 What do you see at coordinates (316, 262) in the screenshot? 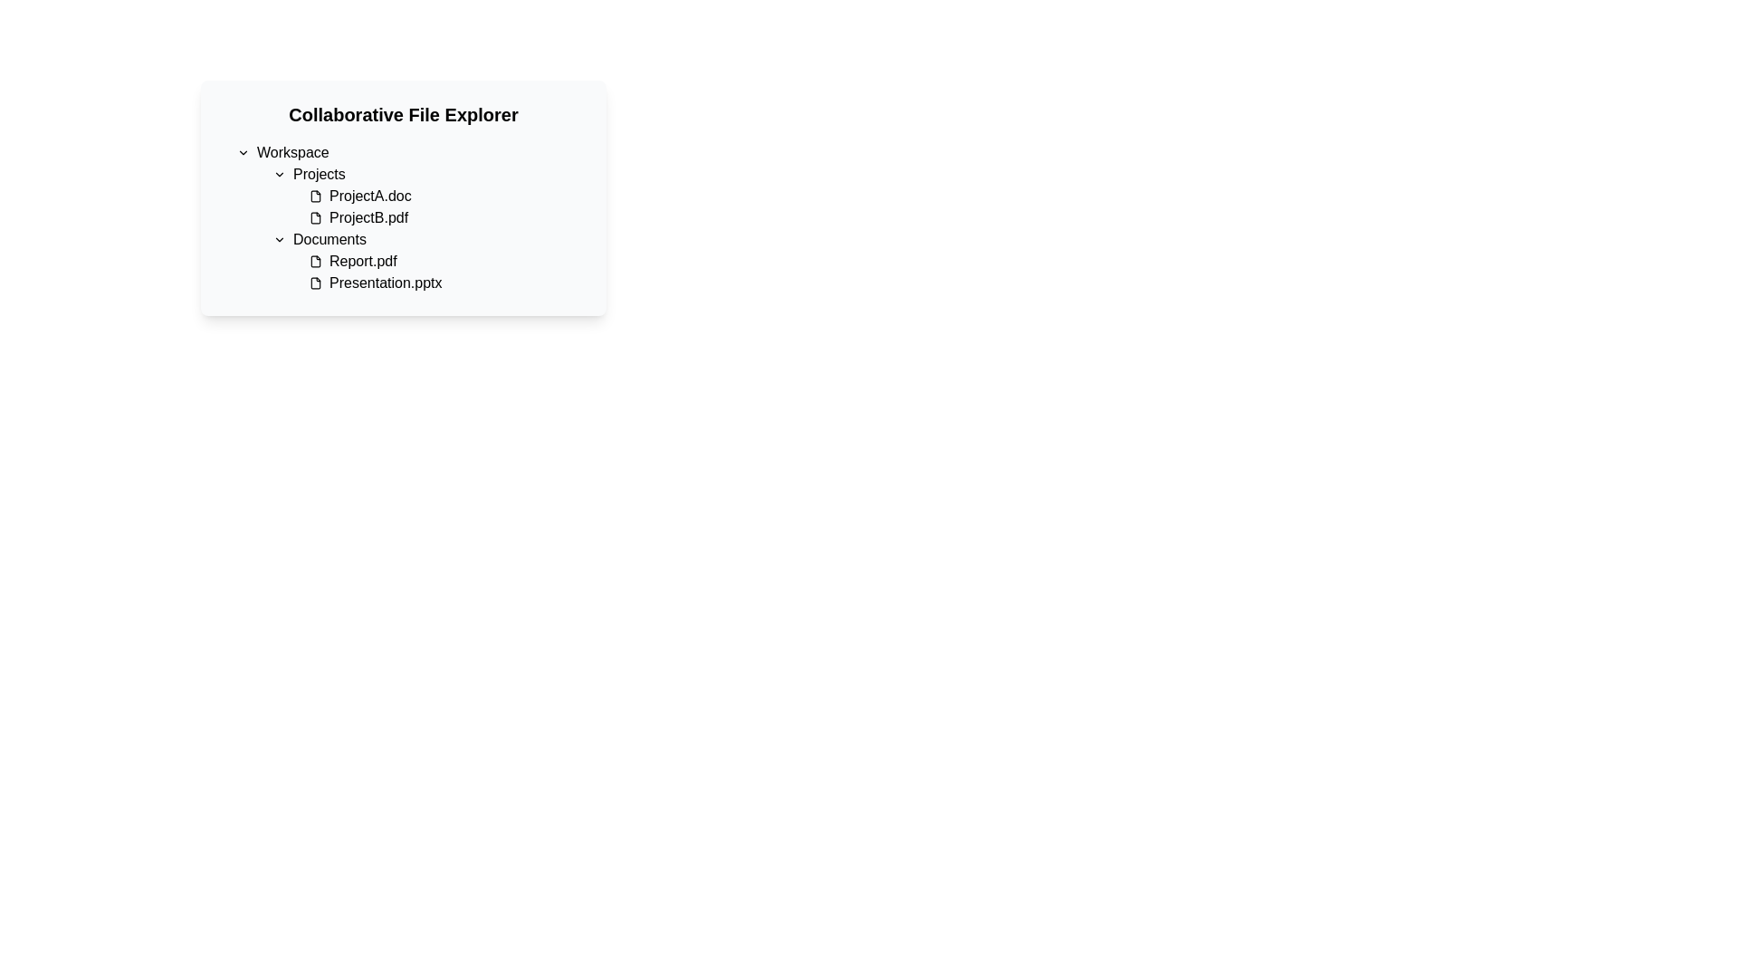
I see `the file icon representing 'Report.pdf', which is styled with black outlines and white fill, located in the 'Documents' section` at bounding box center [316, 262].